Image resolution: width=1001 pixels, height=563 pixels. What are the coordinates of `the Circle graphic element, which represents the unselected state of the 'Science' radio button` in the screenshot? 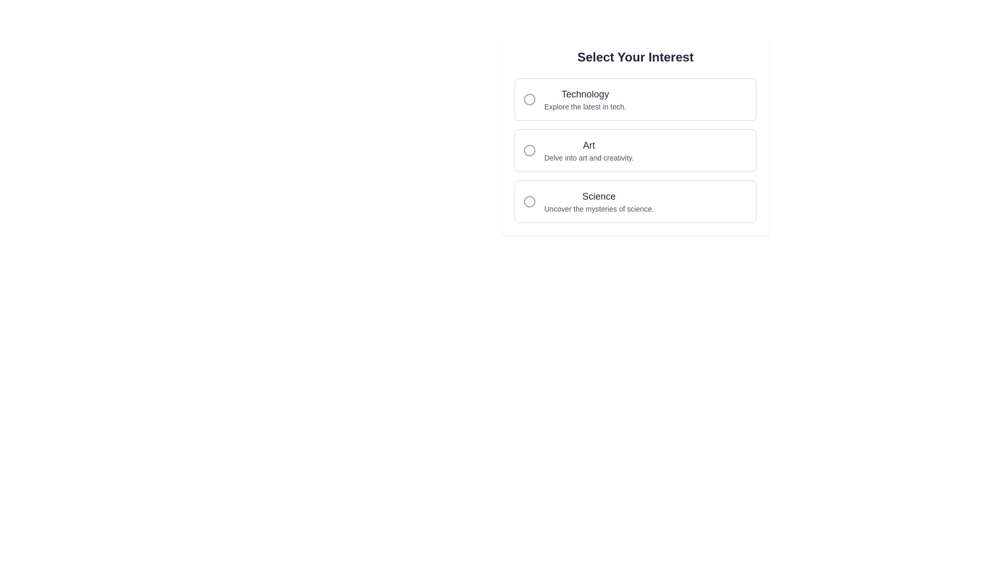 It's located at (530, 201).